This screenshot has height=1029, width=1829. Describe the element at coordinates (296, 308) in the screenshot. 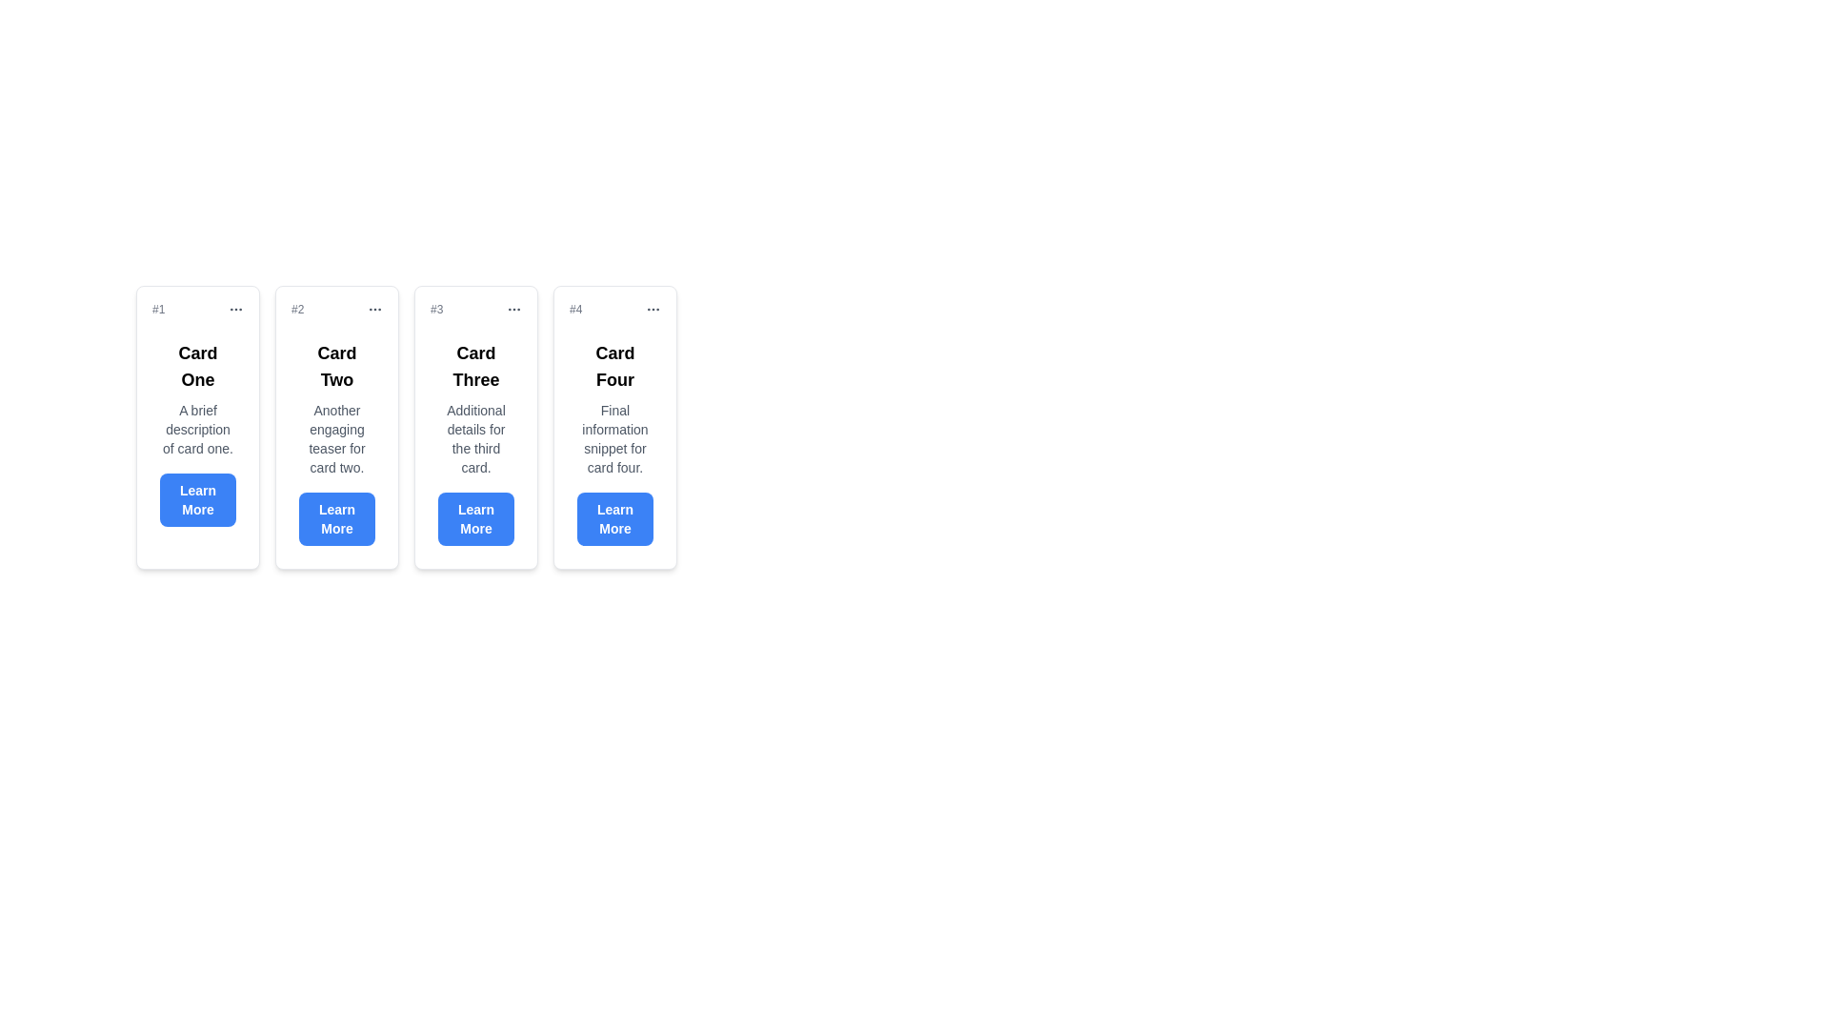

I see `the informational text label that identifies the card by its sequence number (e.g., '#2') located in the upper-left section of the second card, adjacent to the ellipsis icon` at that location.